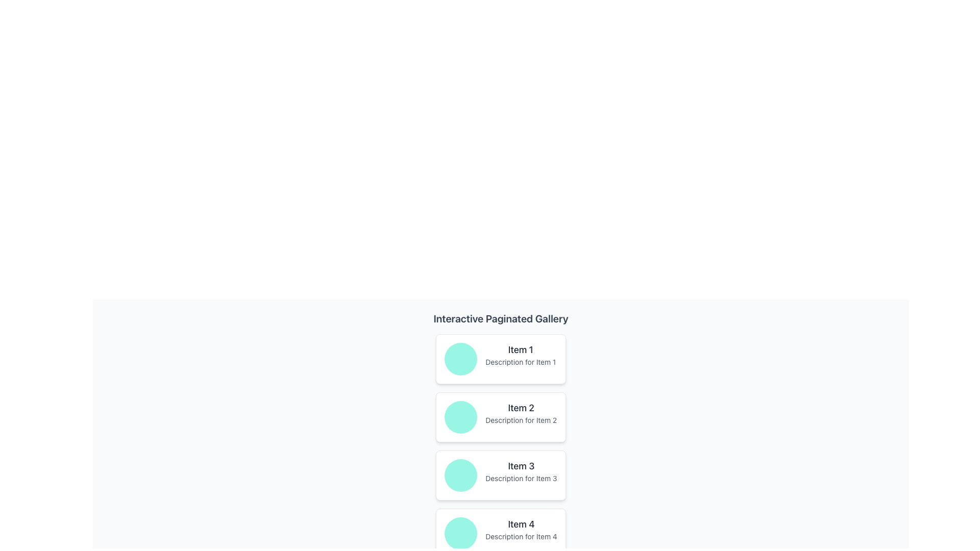  Describe the element at coordinates (521, 524) in the screenshot. I see `text displayed in the bold Text Label element showing 'Item 4', which is located above the description text for the fourth item in the list` at that location.